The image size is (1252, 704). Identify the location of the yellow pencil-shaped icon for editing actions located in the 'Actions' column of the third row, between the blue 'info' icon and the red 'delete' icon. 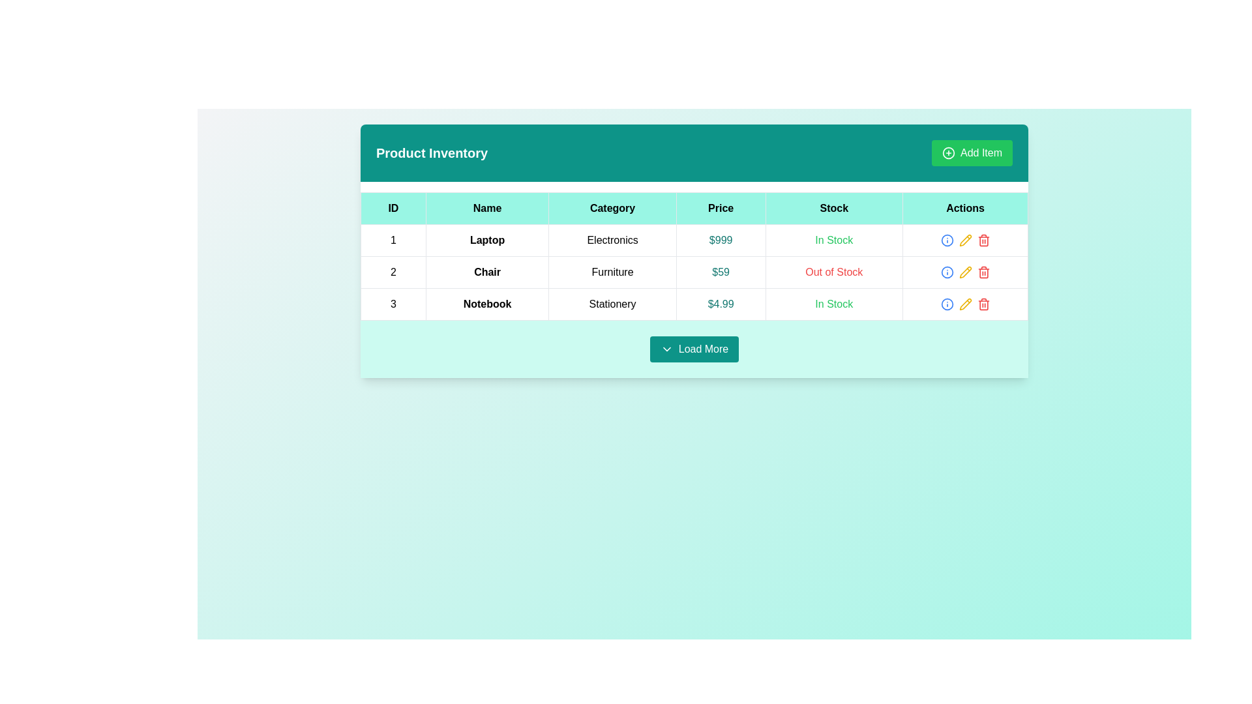
(965, 241).